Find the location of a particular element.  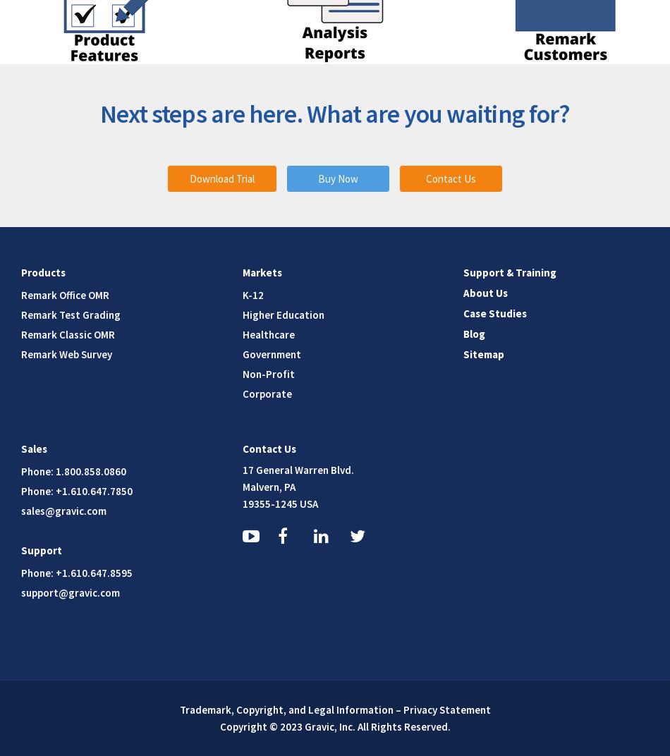

'Sales' is located at coordinates (34, 448).